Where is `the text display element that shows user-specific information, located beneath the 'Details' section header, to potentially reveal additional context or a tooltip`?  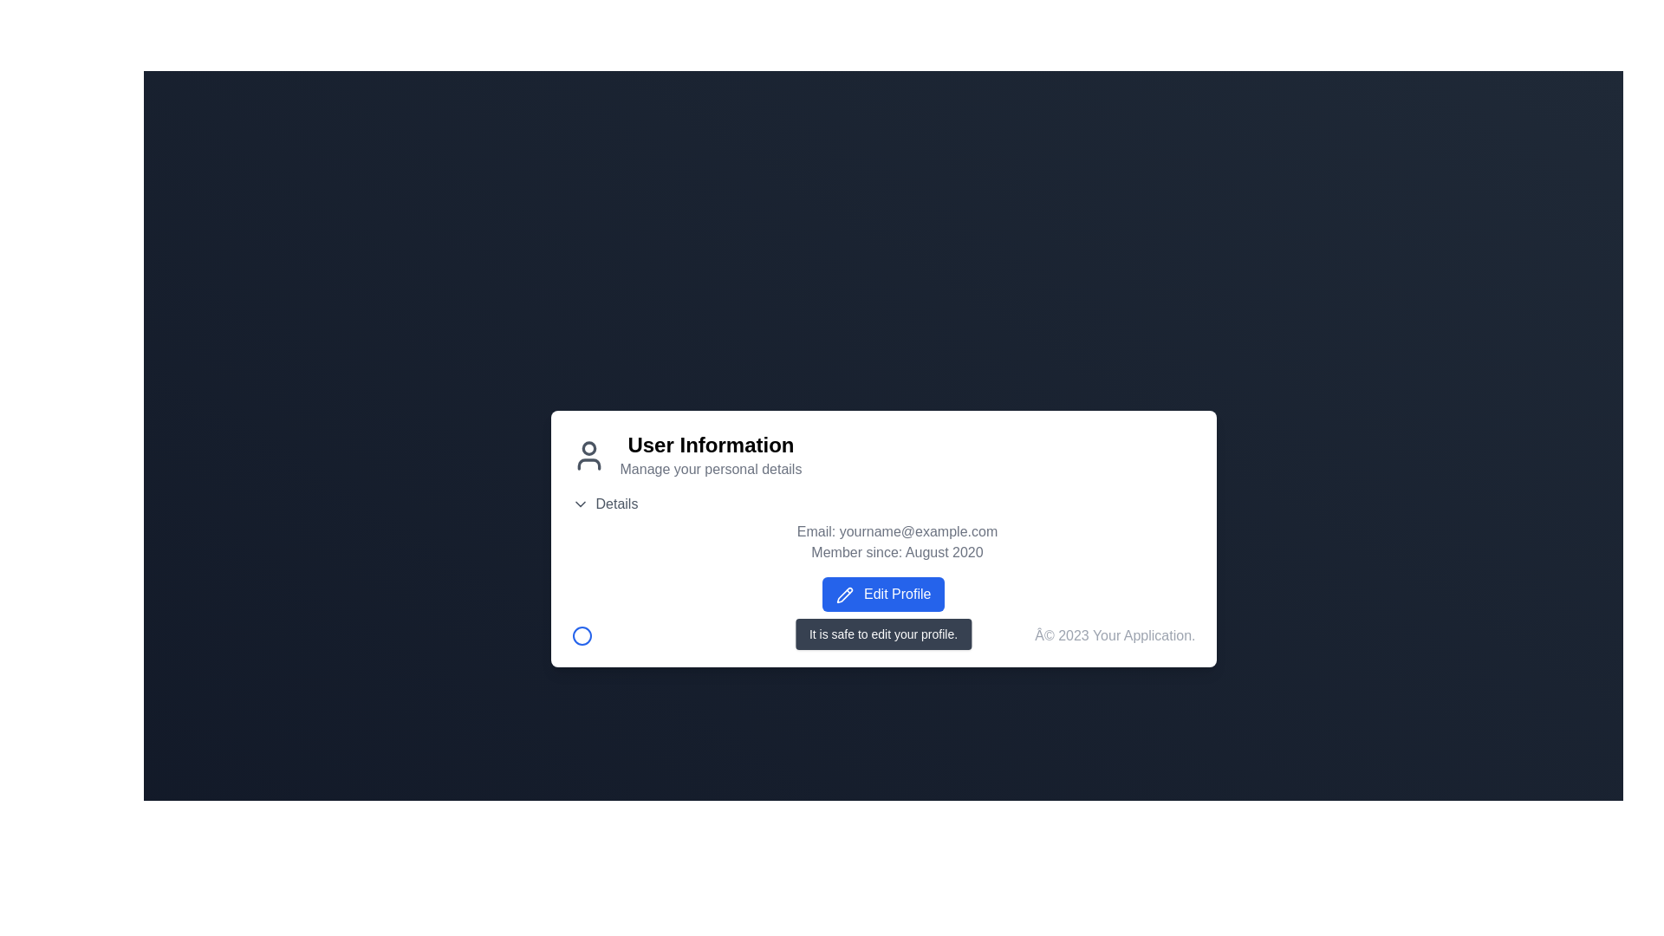
the text display element that shows user-specific information, located beneath the 'Details' section header, to potentially reveal additional context or a tooltip is located at coordinates (883, 541).